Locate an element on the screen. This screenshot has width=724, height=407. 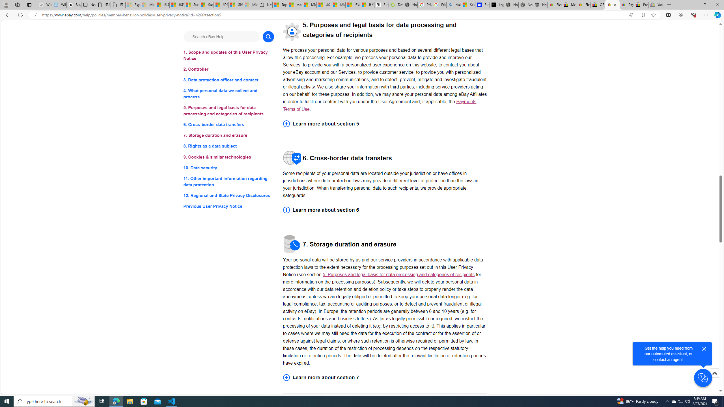
'4. What personal data we collect and process' is located at coordinates (228, 94).